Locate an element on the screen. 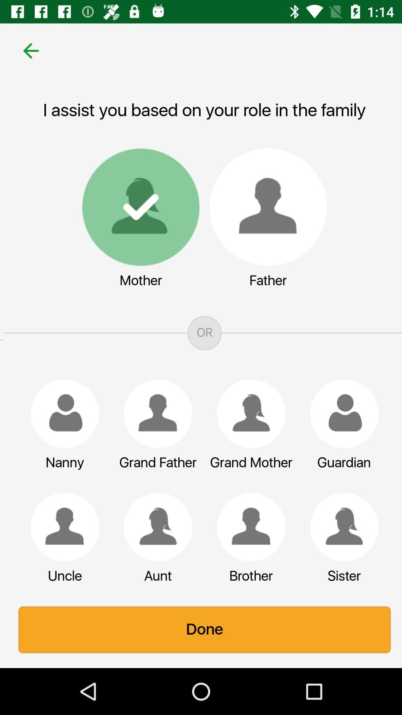  icon above i assist you icon is located at coordinates (27, 50).